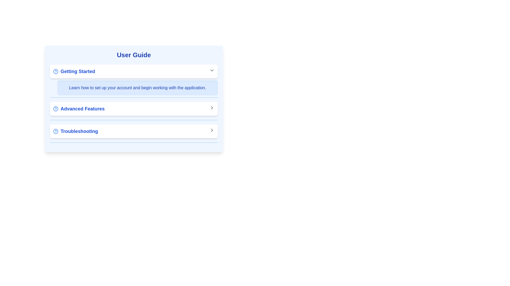 This screenshot has height=286, width=510. Describe the element at coordinates (75, 131) in the screenshot. I see `the 'Troubleshooting' section, which features a bold blue font and an icon on the left, located below 'Advanced Features' in the 'User Guide.'` at that location.